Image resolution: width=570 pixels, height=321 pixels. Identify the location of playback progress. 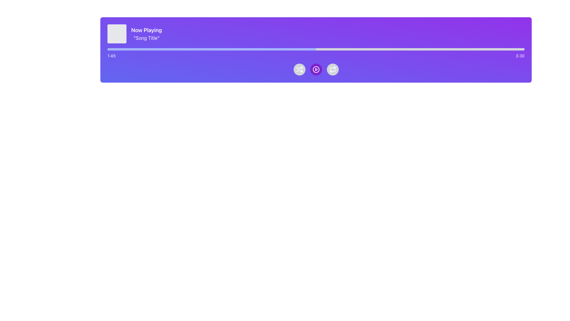
(232, 49).